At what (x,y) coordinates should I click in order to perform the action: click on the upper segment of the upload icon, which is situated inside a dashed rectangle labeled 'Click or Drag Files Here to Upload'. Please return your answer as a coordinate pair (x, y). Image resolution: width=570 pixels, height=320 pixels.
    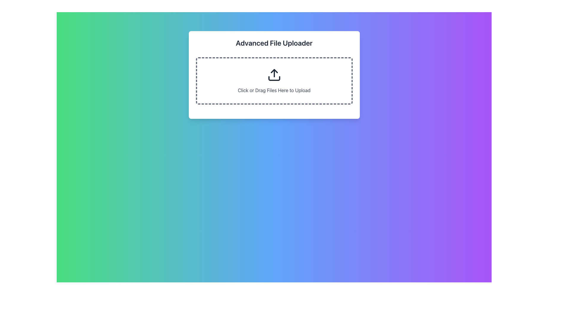
    Looking at the image, I should click on (274, 71).